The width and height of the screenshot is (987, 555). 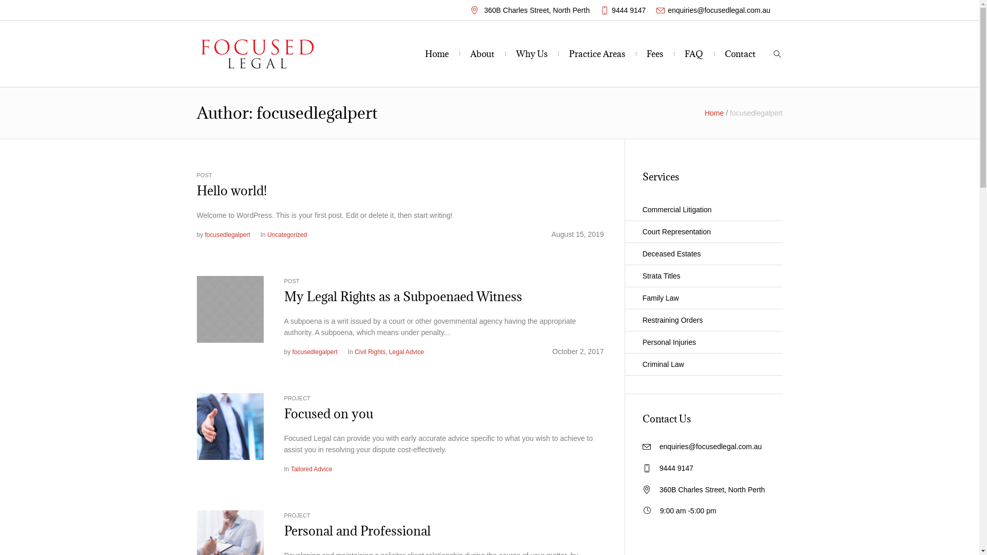 I want to click on 'Home', so click(x=425, y=53).